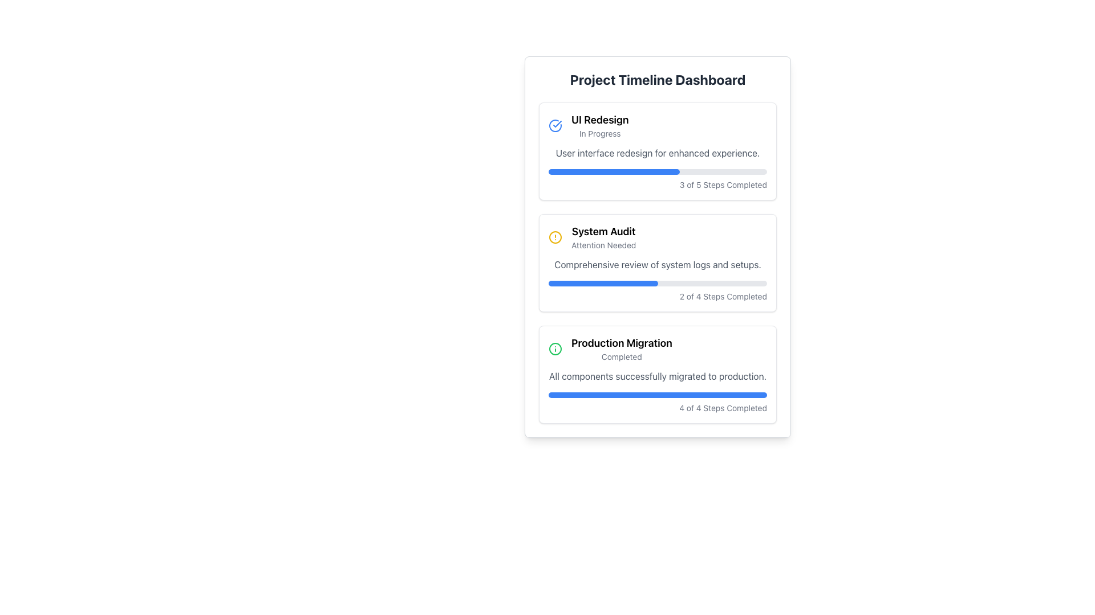  Describe the element at coordinates (621, 356) in the screenshot. I see `the Text Label indicating the completion status of the task located below 'Production Migration' in the summary section` at that location.